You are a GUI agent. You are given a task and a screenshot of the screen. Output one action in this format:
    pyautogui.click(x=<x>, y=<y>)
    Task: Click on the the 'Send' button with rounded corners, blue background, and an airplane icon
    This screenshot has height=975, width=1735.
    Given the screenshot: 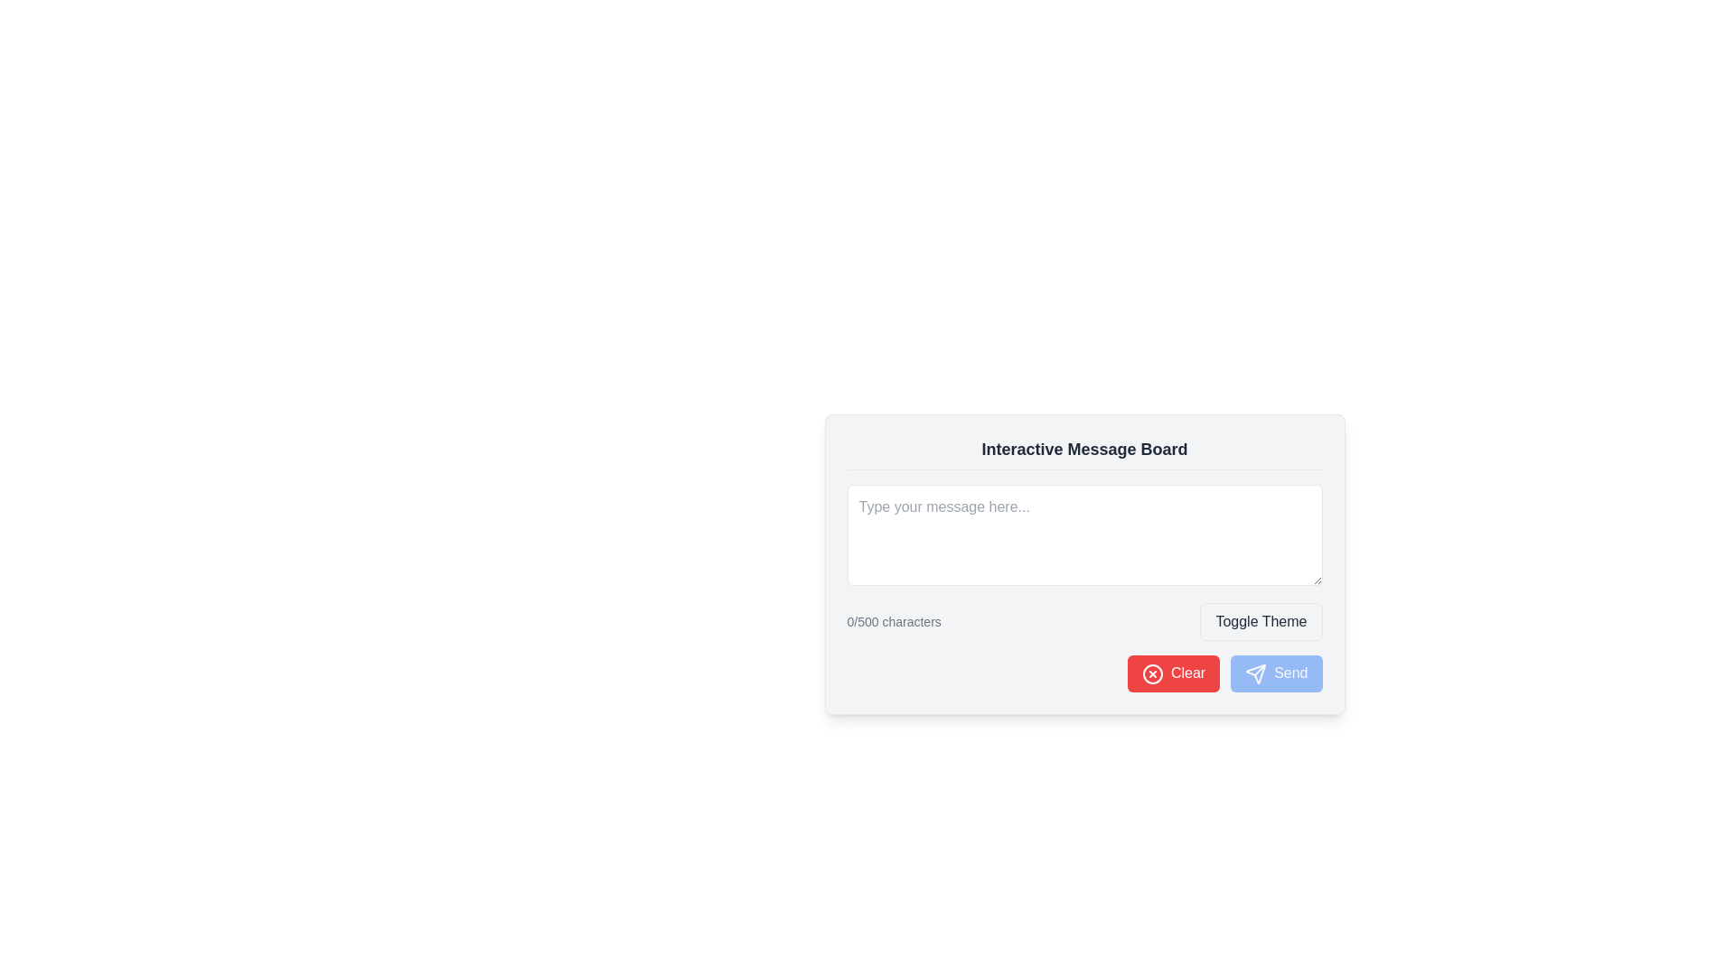 What is the action you would take?
    pyautogui.click(x=1275, y=673)
    